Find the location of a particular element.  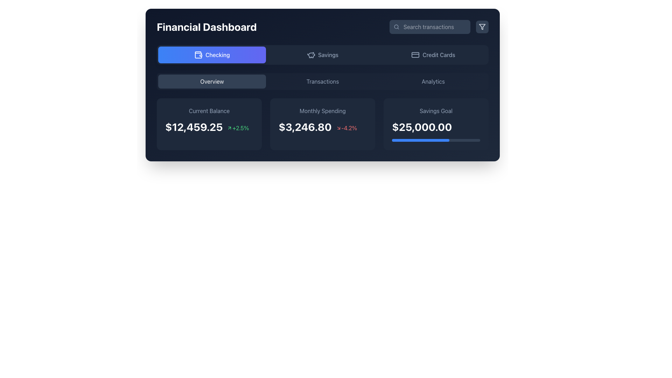

the main header text label of the dashboard that indicates the context or purpose of the displayed interface is located at coordinates (206, 27).